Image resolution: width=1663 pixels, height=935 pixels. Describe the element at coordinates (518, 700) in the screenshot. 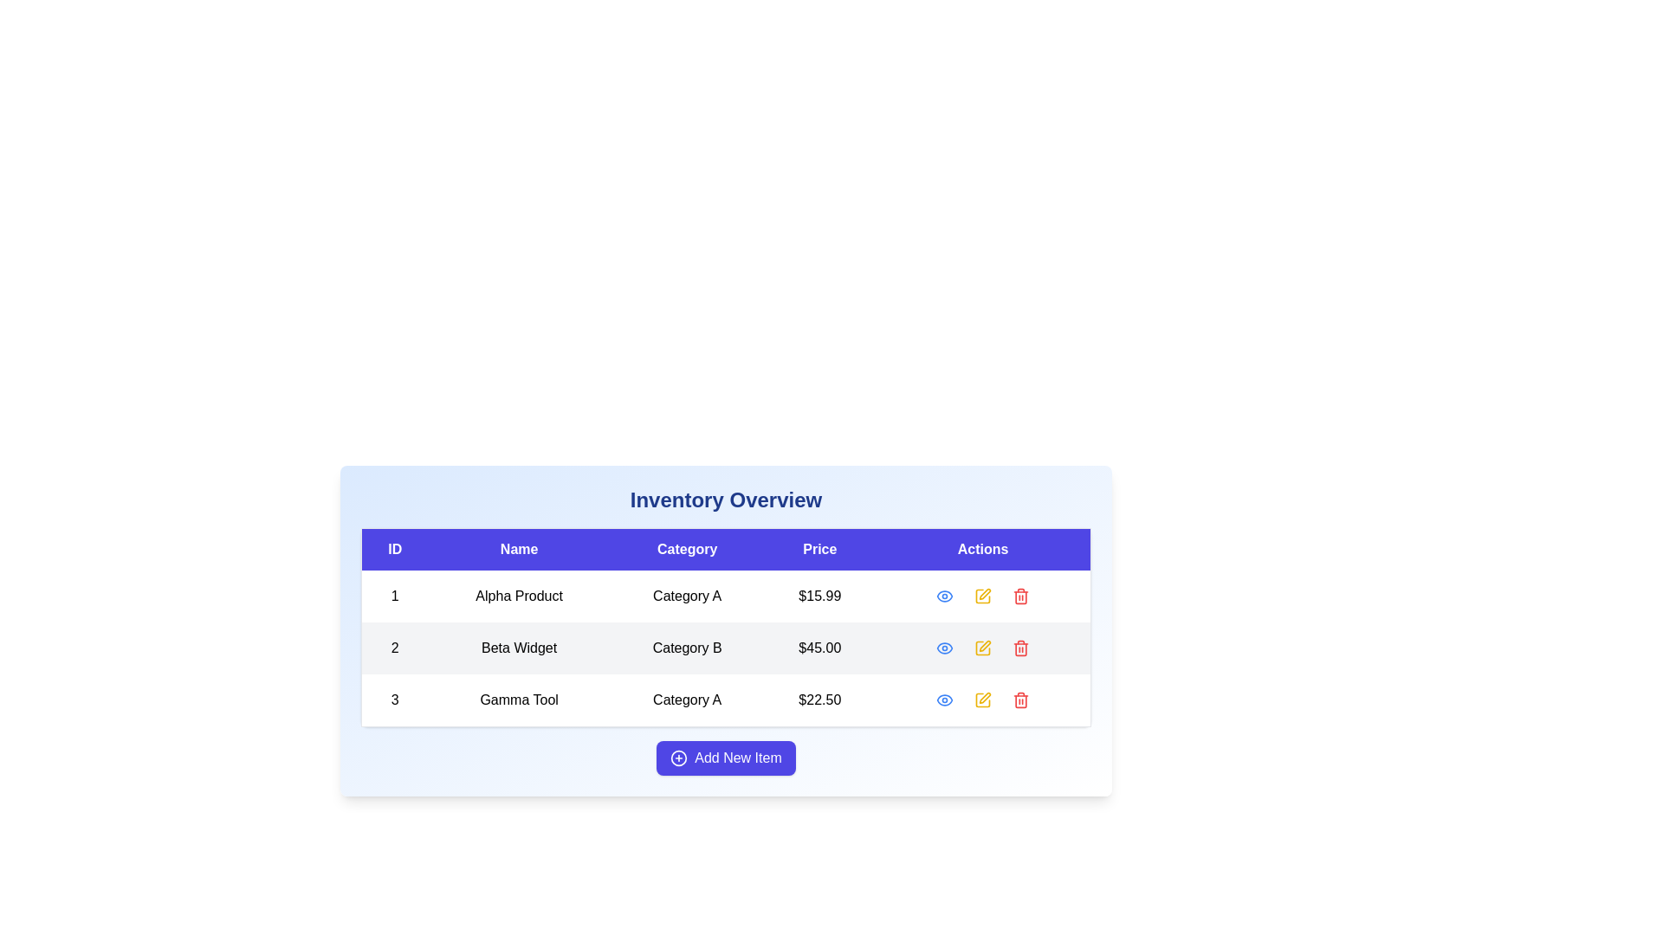

I see `text label that reads 'Gamma Tool', which is located in the second column of the third row in the inventory table under the header 'Inventory Overview'` at that location.